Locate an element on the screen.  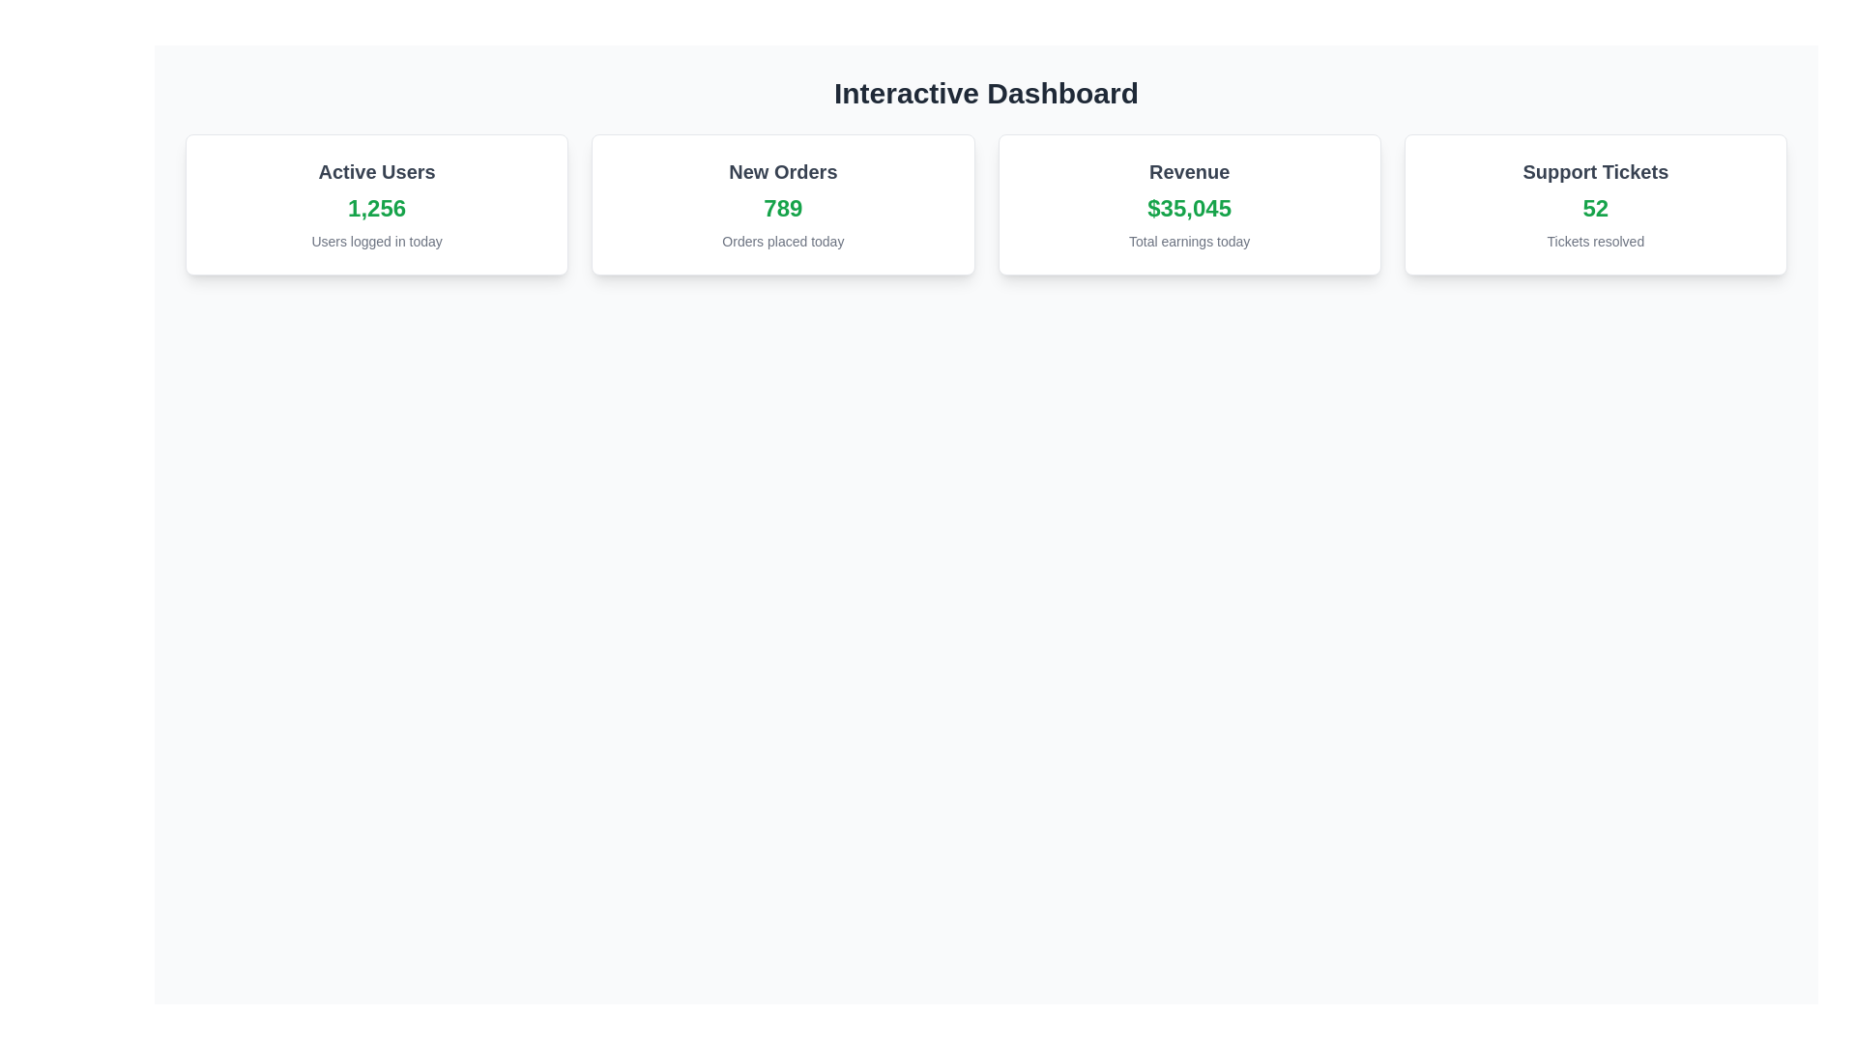
the Text Label displaying the numeric value '789' in bold, large green text, located under the label 'New Orders' is located at coordinates (783, 209).